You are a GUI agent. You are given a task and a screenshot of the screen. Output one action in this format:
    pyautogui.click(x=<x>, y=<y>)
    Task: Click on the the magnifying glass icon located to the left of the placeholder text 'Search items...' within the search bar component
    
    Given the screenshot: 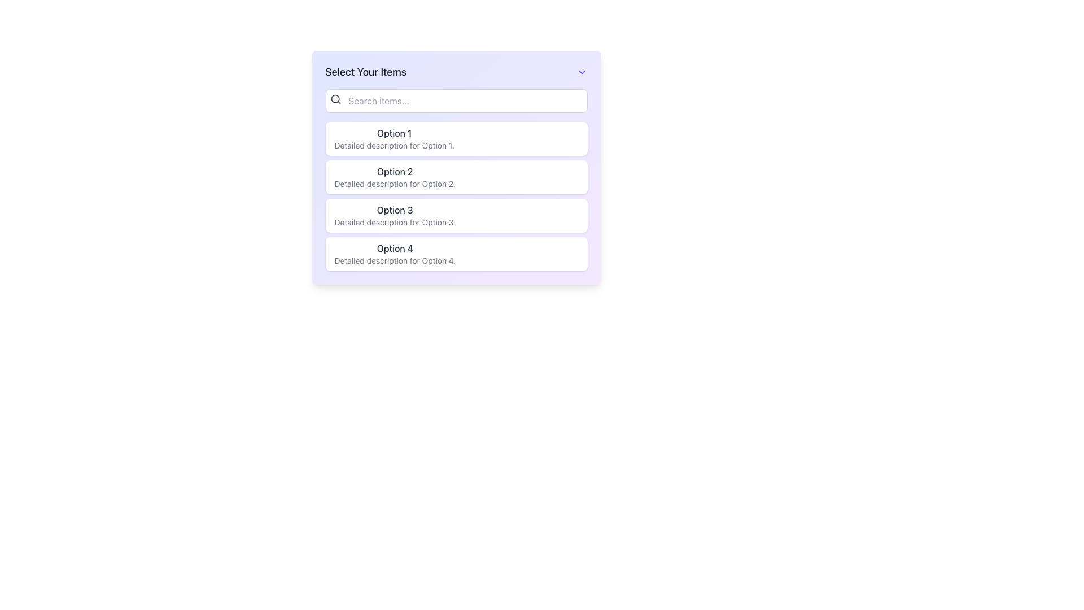 What is the action you would take?
    pyautogui.click(x=335, y=99)
    